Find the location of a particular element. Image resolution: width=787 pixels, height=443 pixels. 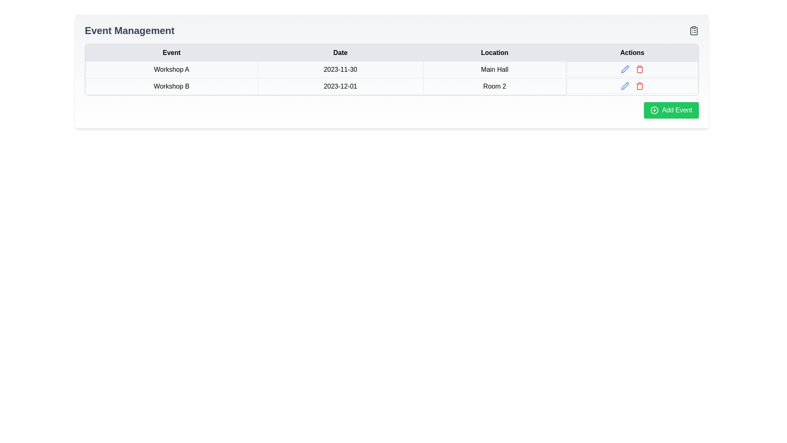

the red trash can icon located under the 'Actions' column, which changes its shade on hover is located at coordinates (639, 69).